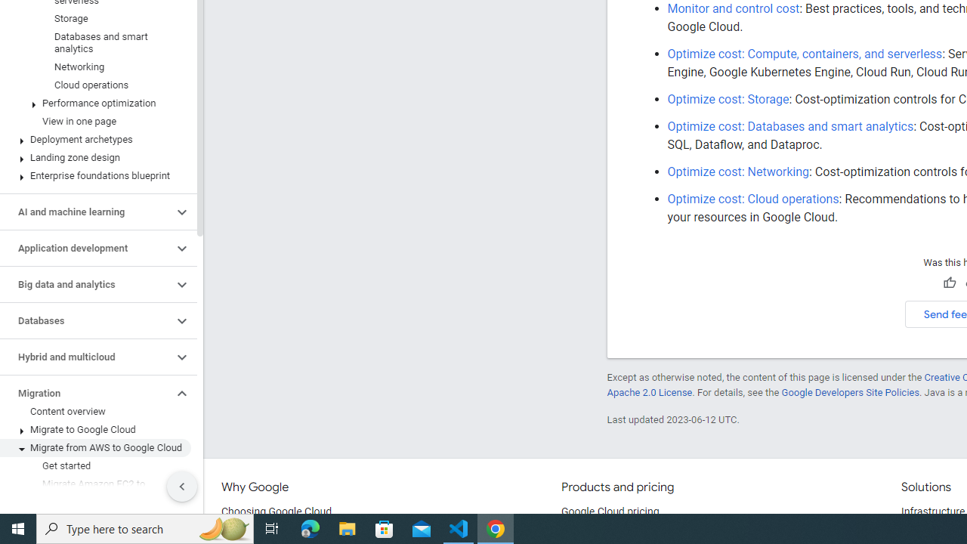  I want to click on 'Storage', so click(94, 18).